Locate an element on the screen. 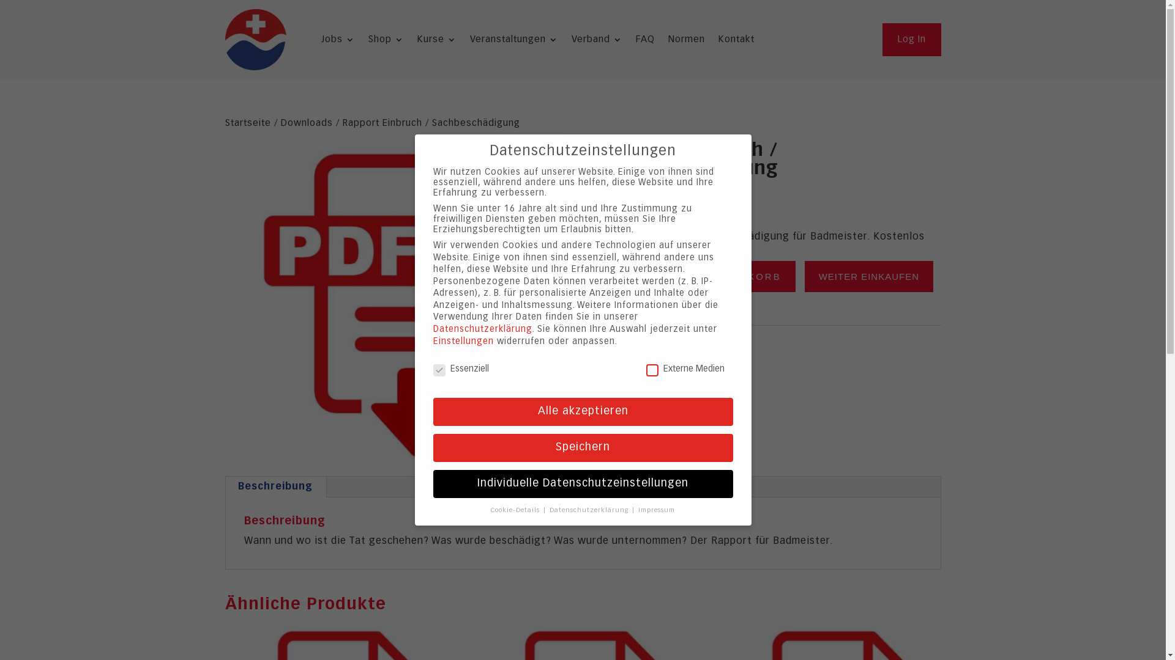 This screenshot has width=1175, height=660. 'Kurse' is located at coordinates (437, 42).